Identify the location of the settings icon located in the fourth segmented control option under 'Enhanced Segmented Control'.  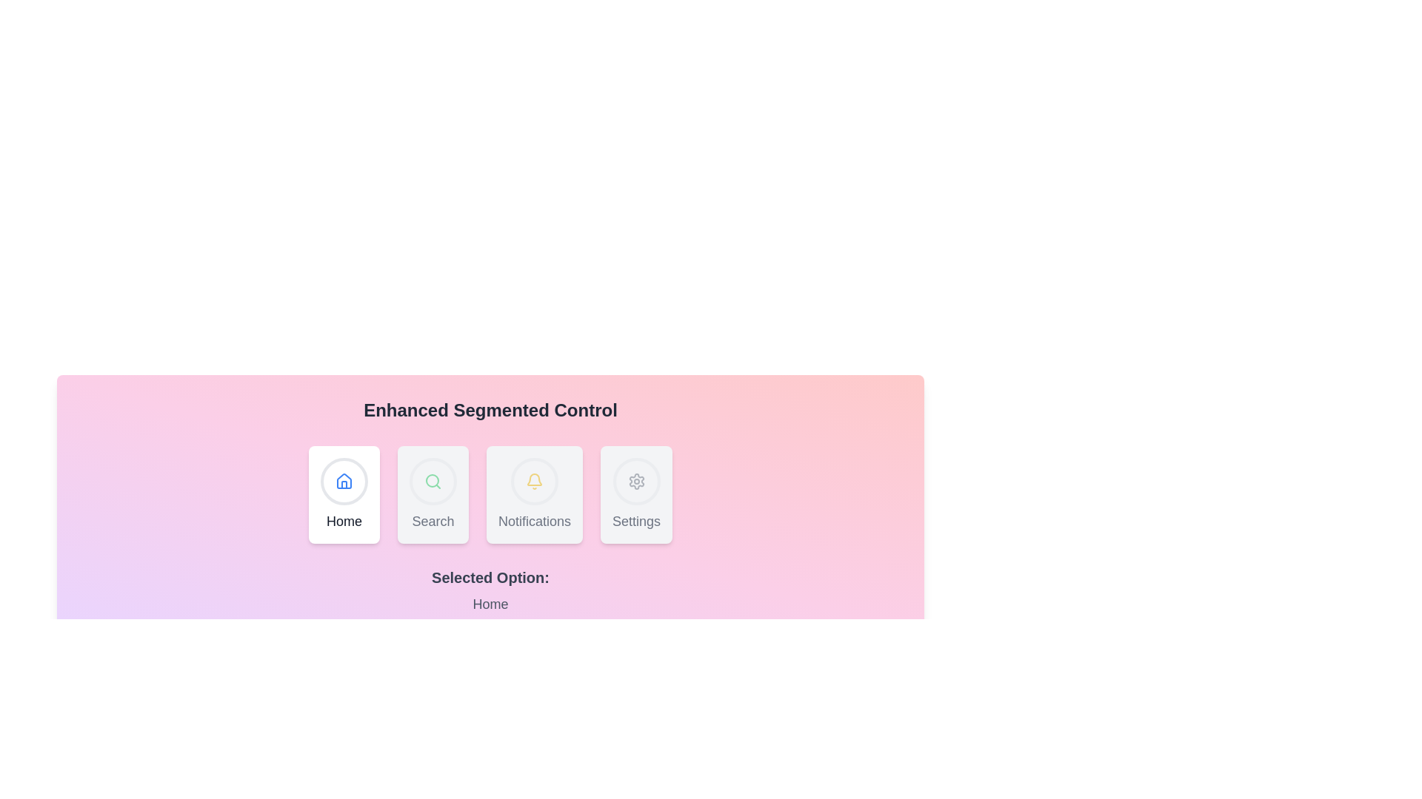
(636, 482).